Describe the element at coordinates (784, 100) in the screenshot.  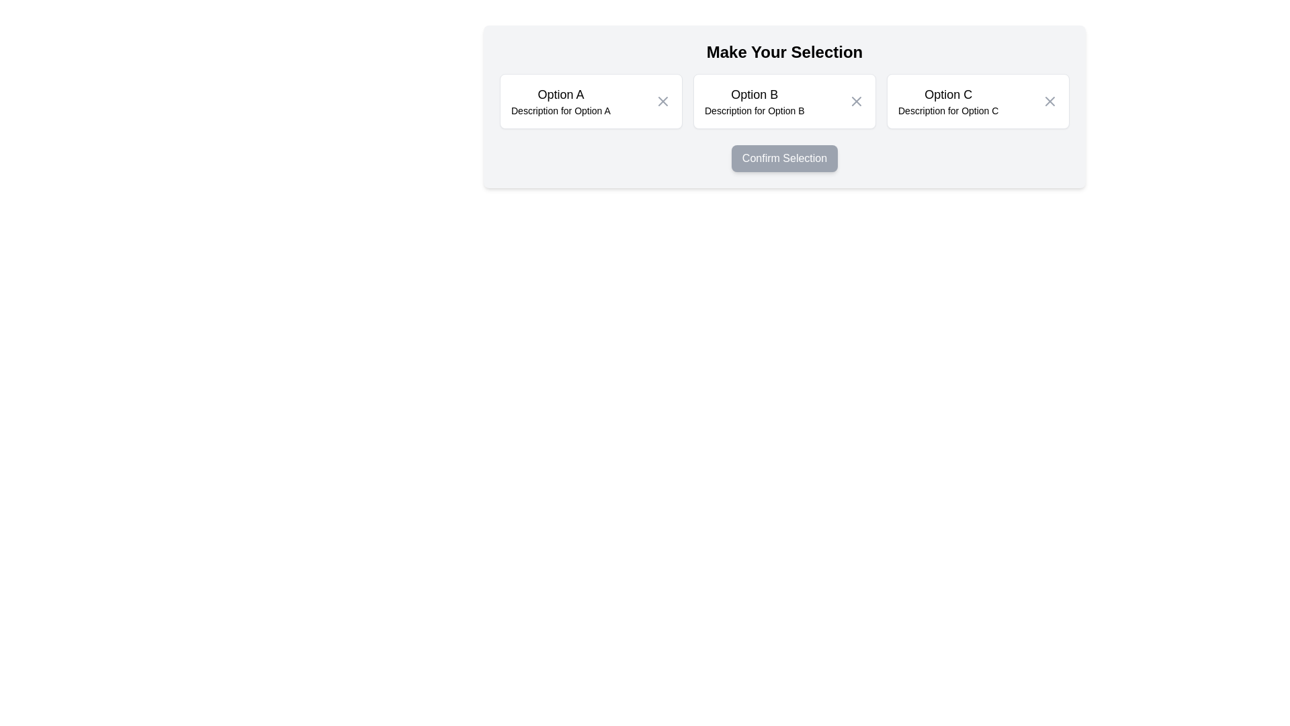
I see `'Option B', the second selectable choice` at that location.